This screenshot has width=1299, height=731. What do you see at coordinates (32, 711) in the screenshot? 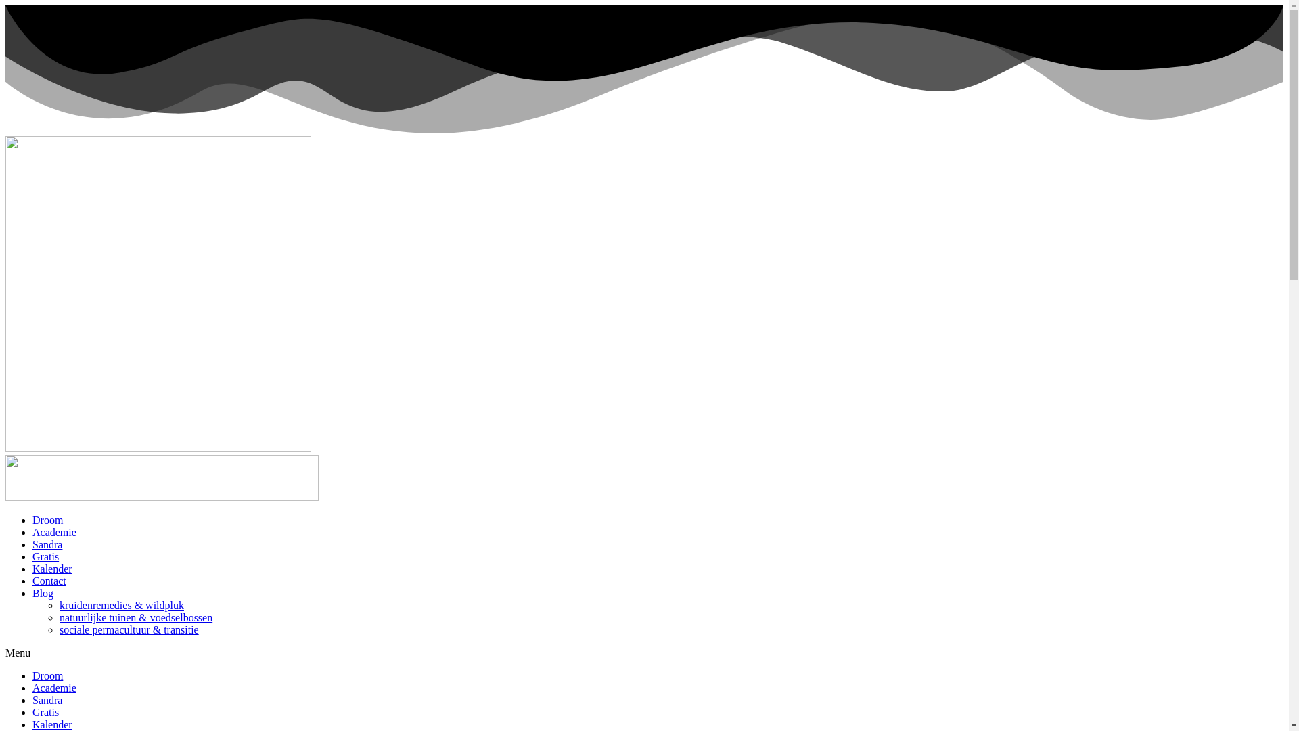
I see `'Gratis'` at bounding box center [32, 711].